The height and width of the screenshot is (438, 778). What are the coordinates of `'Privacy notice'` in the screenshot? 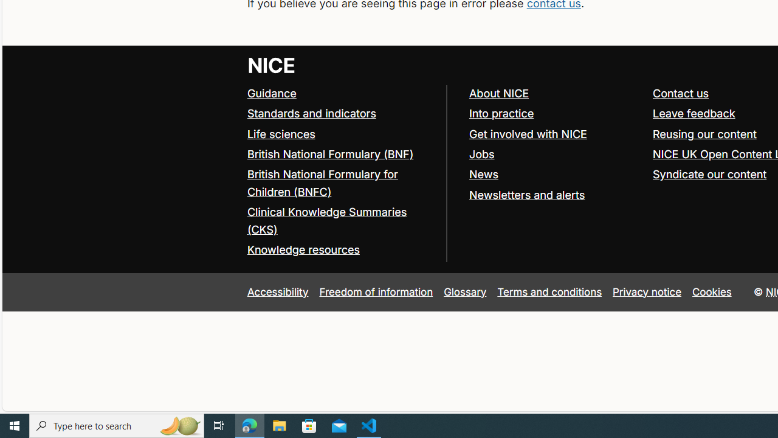 It's located at (647, 291).